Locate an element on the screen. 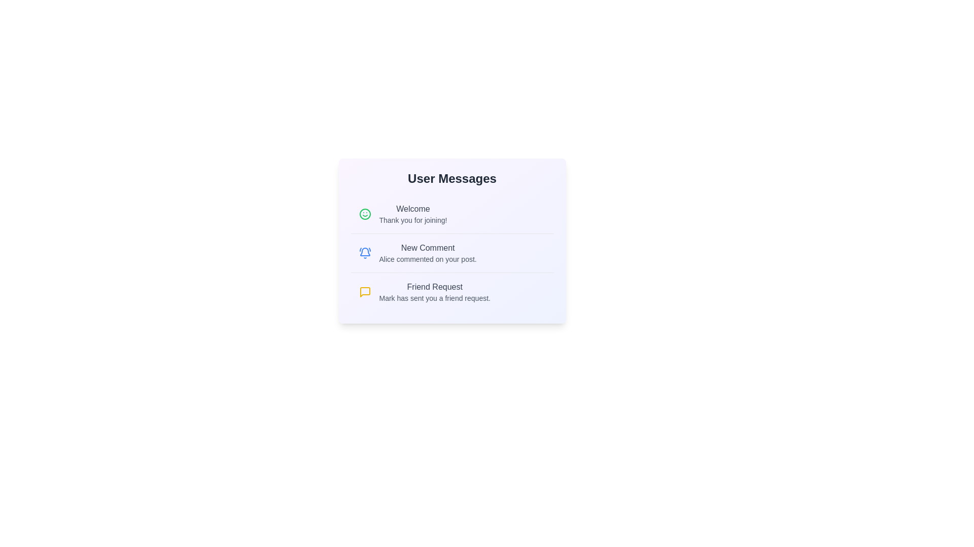  the icon associated with New Comment to view its visual response is located at coordinates (365, 253).